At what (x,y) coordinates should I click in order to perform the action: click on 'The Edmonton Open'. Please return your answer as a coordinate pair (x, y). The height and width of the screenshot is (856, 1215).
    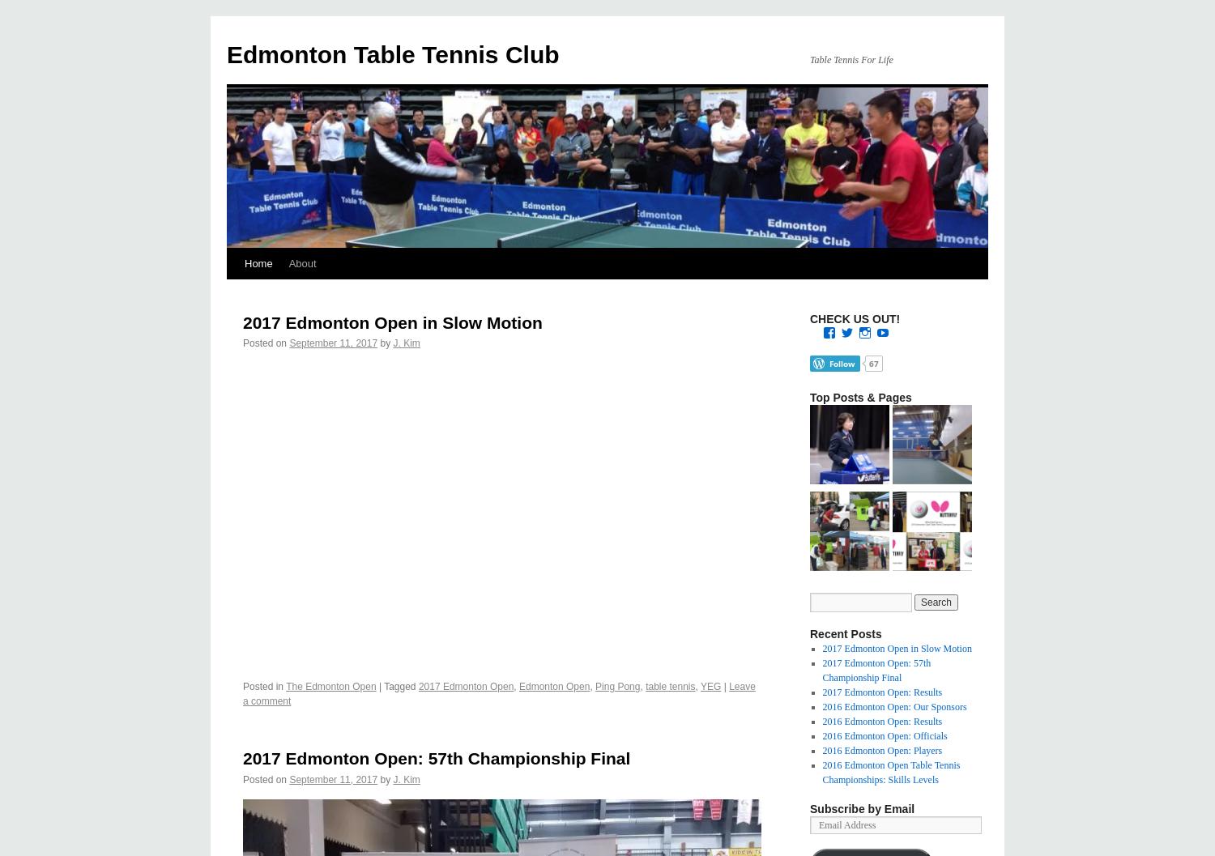
    Looking at the image, I should click on (330, 686).